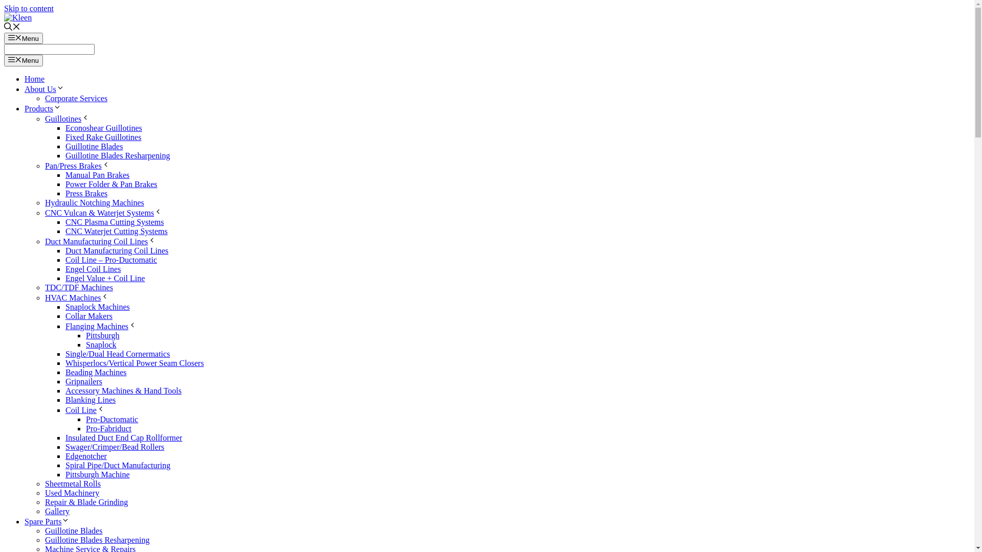 This screenshot has width=982, height=552. I want to click on 'Snaplock', so click(101, 344).